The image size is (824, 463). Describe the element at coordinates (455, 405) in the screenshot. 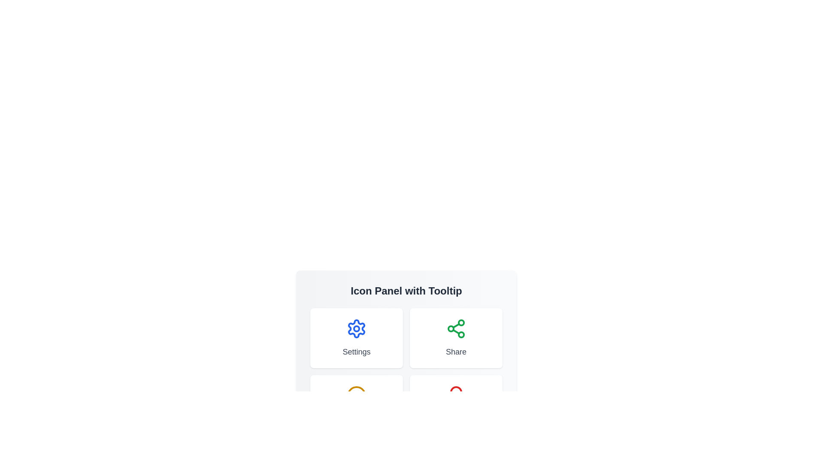

I see `the notifications button, which has a white background, a circular red bell icon at the top, and the text 'Notifications' in gray, located at the bottom-right of a 2x2 grid` at that location.